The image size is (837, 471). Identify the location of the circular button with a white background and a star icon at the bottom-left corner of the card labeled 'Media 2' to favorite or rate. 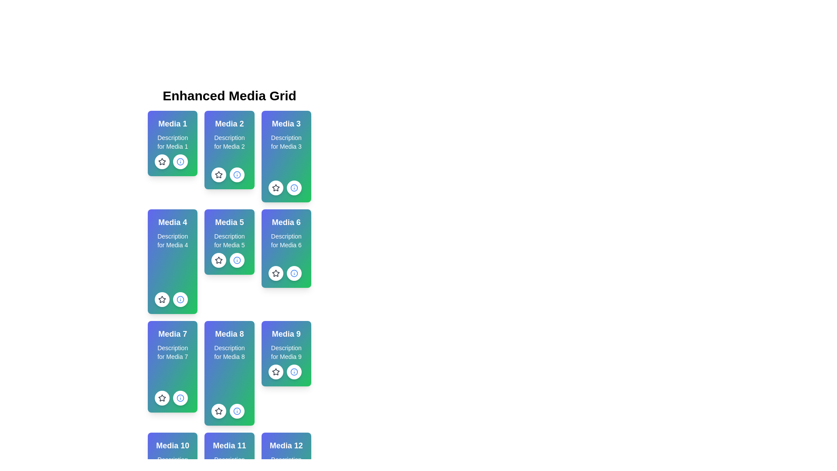
(219, 175).